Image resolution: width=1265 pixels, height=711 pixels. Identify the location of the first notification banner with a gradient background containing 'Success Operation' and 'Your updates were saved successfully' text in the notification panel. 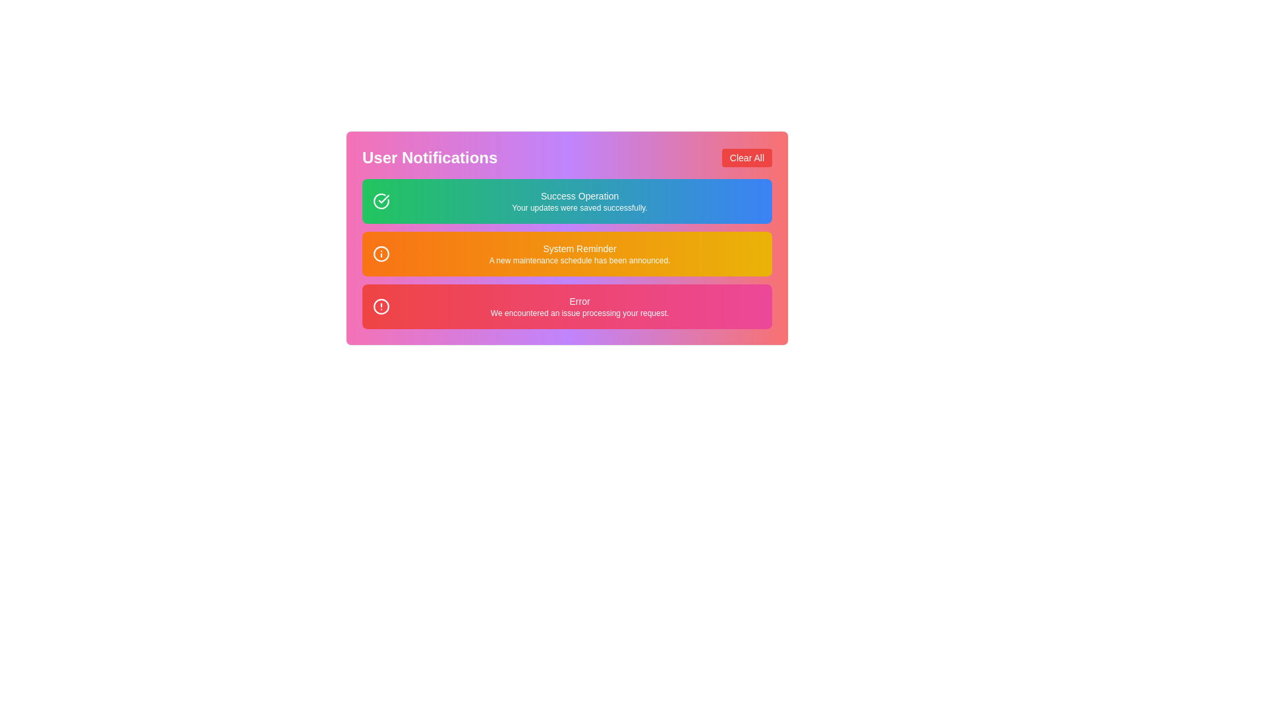
(580, 201).